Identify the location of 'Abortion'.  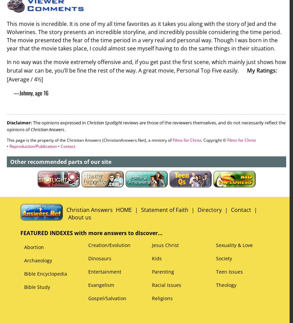
(34, 247).